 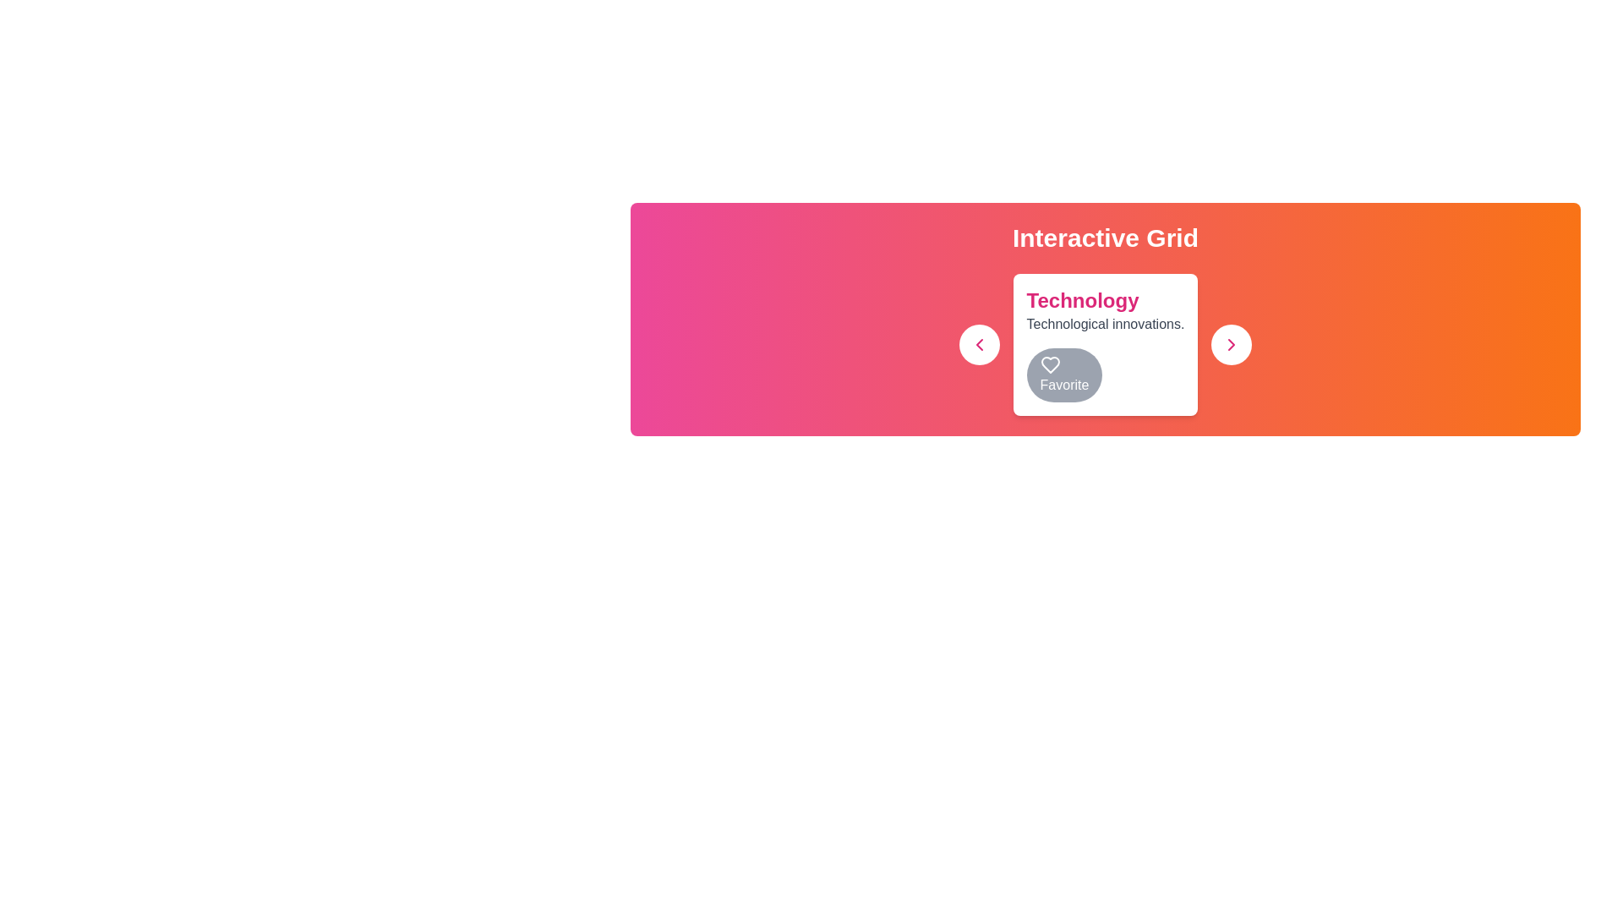 What do you see at coordinates (979, 344) in the screenshot?
I see `the navigational button located in the interactive grid that allows users to navigate to the previous item or slide, to trigger a background color change` at bounding box center [979, 344].